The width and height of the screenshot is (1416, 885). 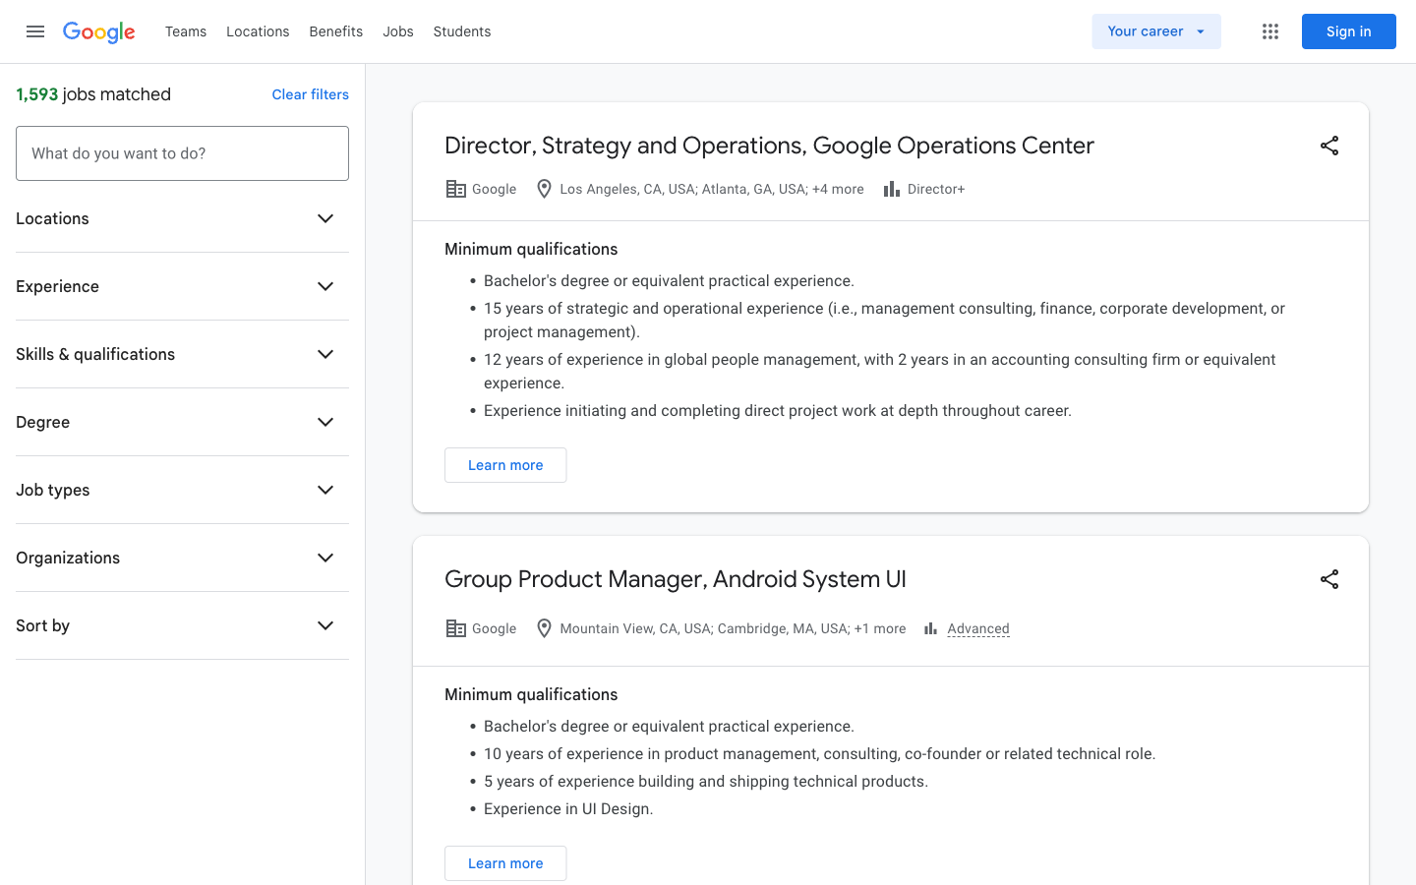 What do you see at coordinates (310, 93) in the screenshot?
I see `Remove all the active filters` at bounding box center [310, 93].